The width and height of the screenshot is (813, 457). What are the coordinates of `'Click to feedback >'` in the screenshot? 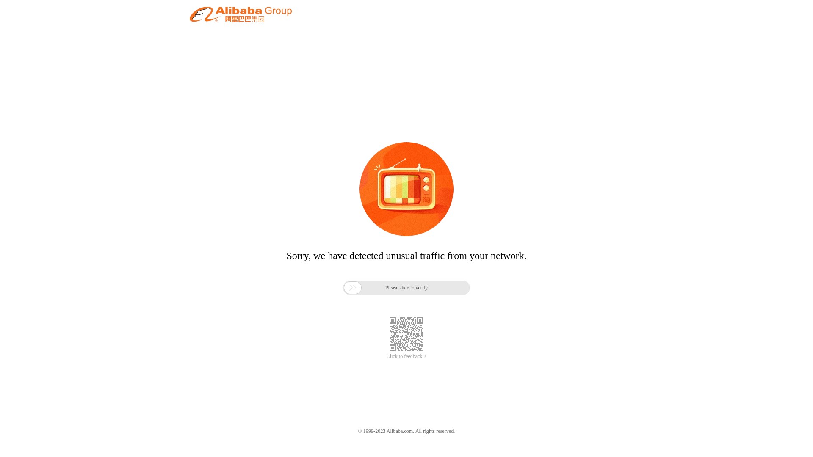 It's located at (406, 356).